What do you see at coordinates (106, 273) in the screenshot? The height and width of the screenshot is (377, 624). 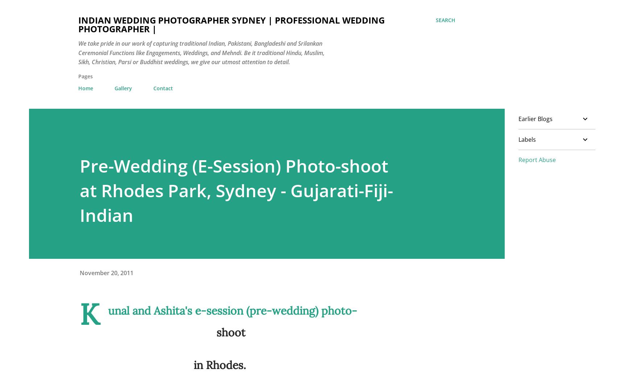 I see `'November 20, 2011'` at bounding box center [106, 273].